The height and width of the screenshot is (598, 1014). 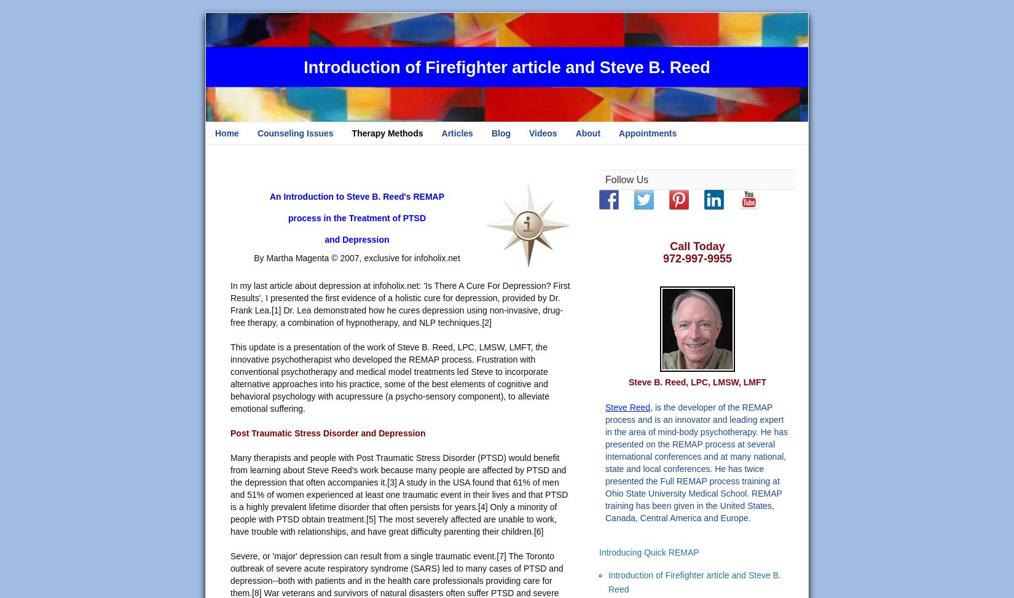 I want to click on 'in the Treatment of PTSD', so click(x=374, y=218).